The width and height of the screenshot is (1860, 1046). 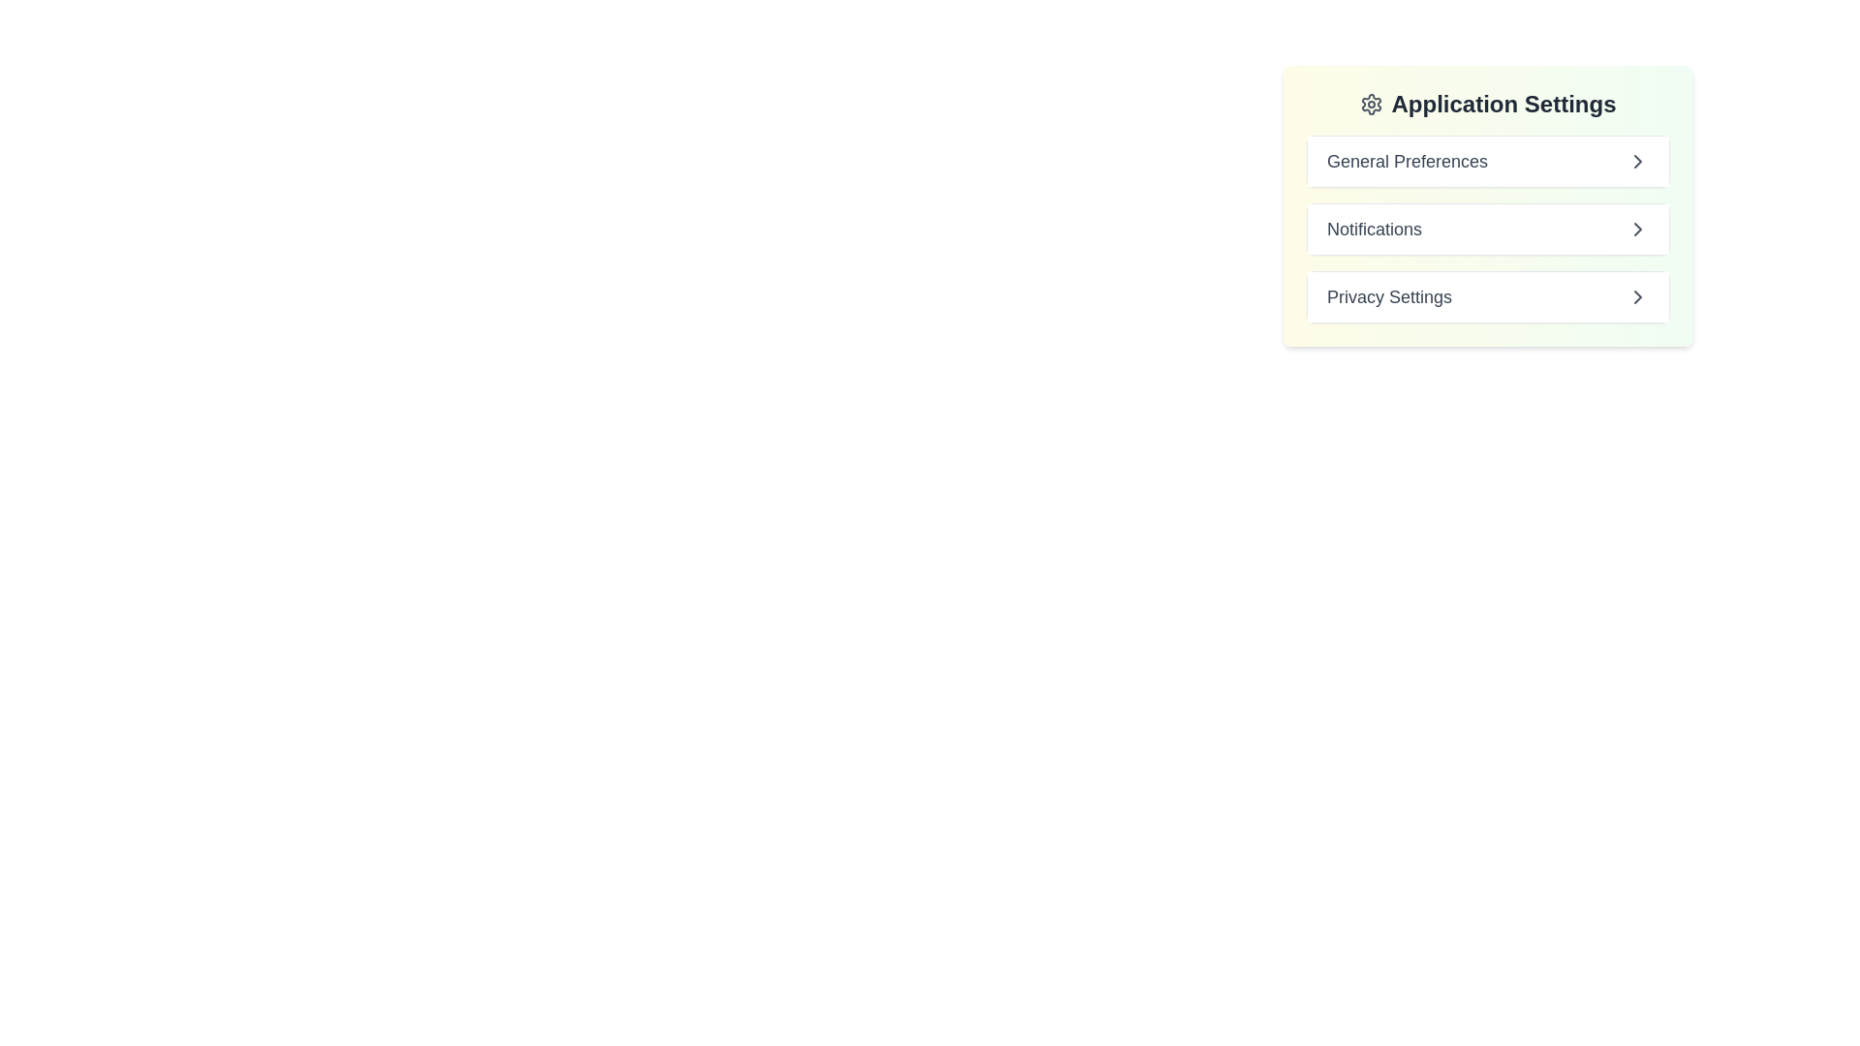 What do you see at coordinates (1487, 228) in the screenshot?
I see `the navigational button located in the middle of the settings card` at bounding box center [1487, 228].